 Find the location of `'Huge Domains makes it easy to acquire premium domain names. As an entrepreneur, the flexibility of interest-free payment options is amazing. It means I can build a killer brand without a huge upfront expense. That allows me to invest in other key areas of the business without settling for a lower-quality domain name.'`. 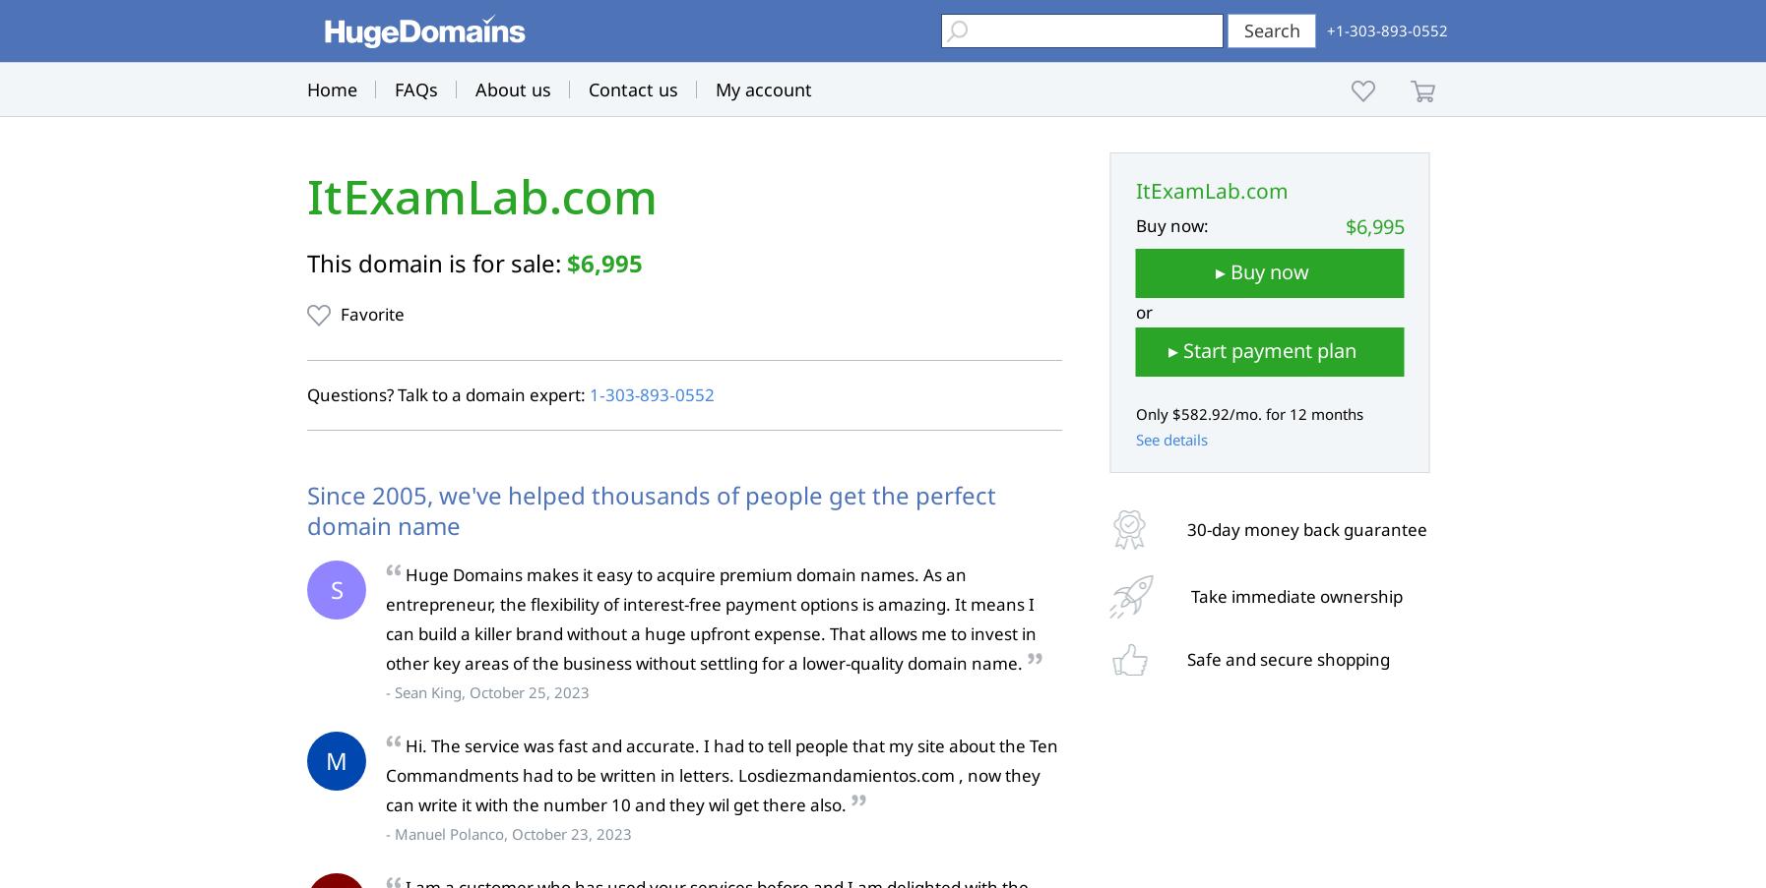

'Huge Domains makes it easy to acquire premium domain names. As an entrepreneur, the flexibility of interest-free payment options is amazing. It means I can build a killer brand without a huge upfront expense. That allows me to invest in other key areas of the business without settling for a lower-quality domain name.' is located at coordinates (711, 619).